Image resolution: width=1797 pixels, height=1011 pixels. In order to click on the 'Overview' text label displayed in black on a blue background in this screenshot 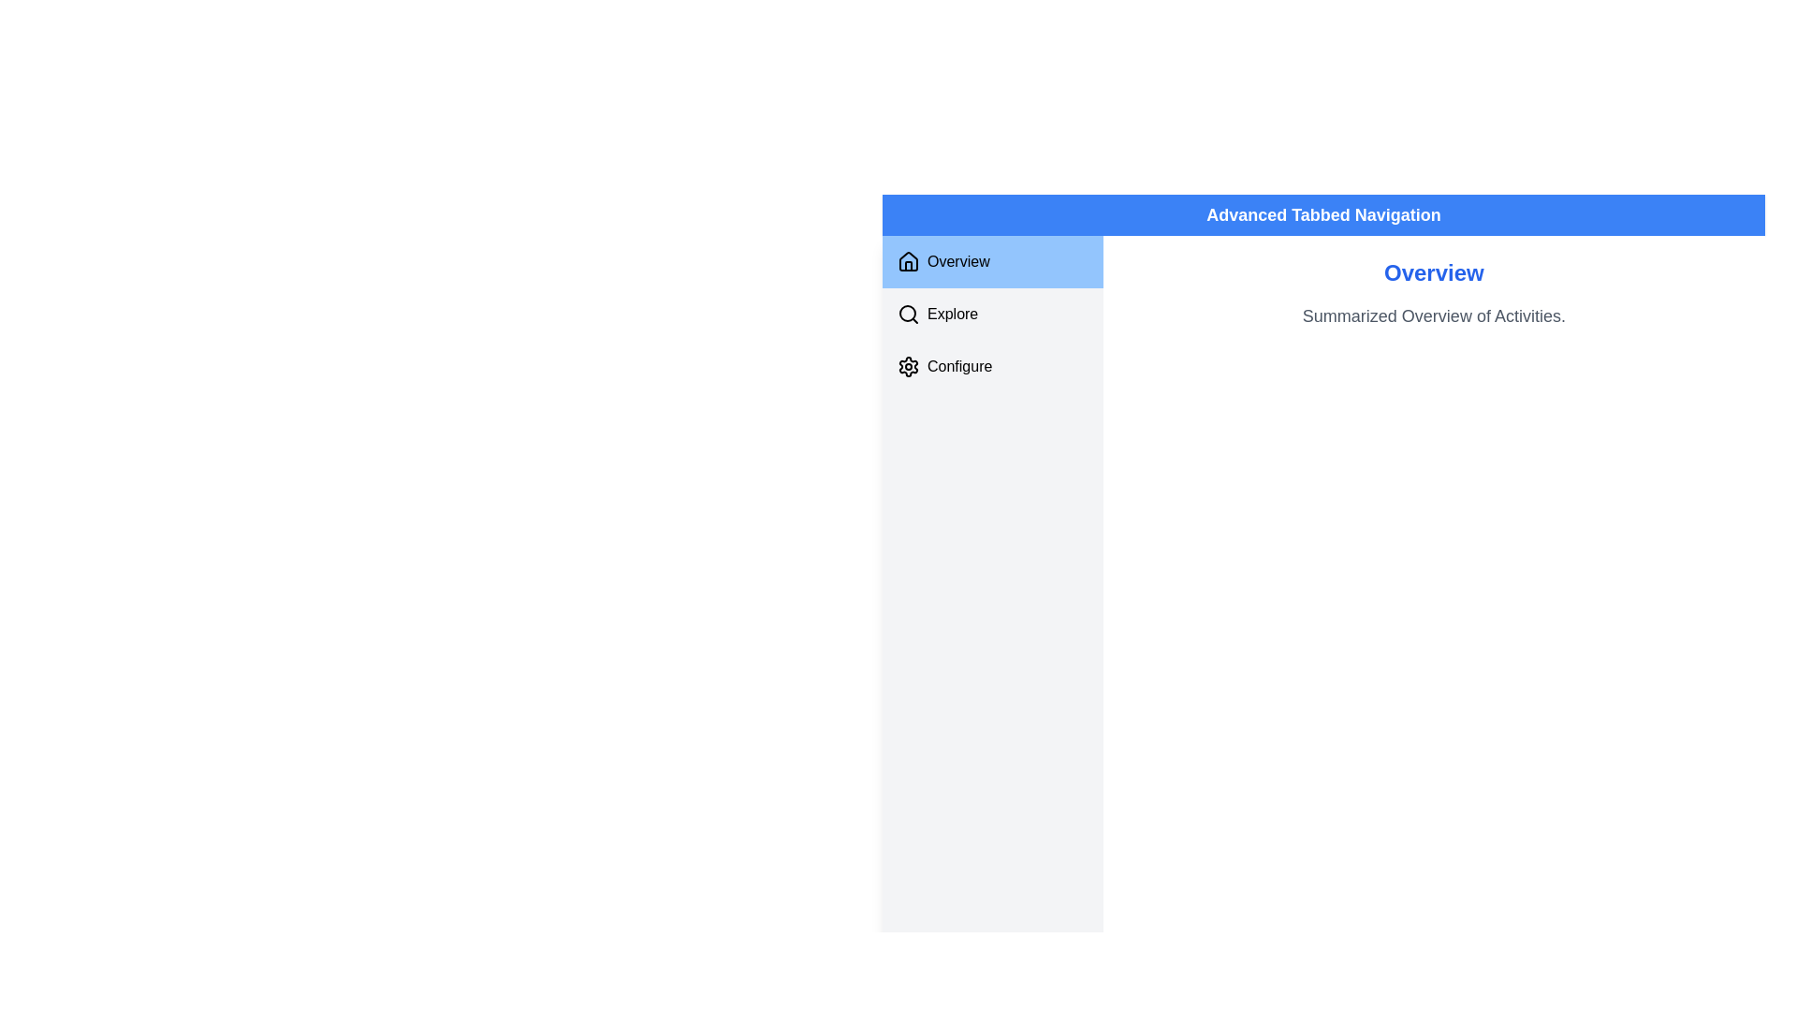, I will do `click(958, 262)`.